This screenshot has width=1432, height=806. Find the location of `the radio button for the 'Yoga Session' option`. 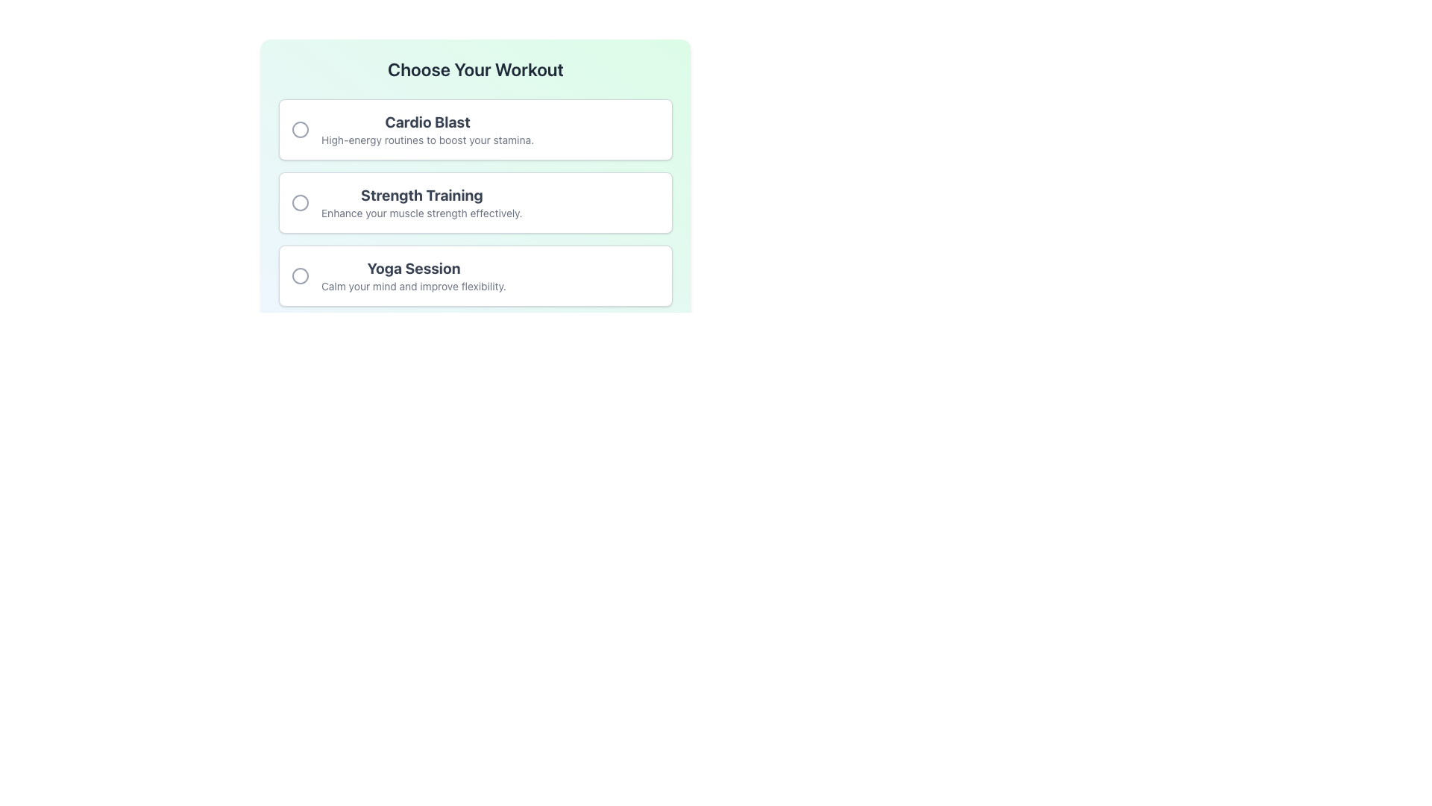

the radio button for the 'Yoga Session' option is located at coordinates (300, 276).